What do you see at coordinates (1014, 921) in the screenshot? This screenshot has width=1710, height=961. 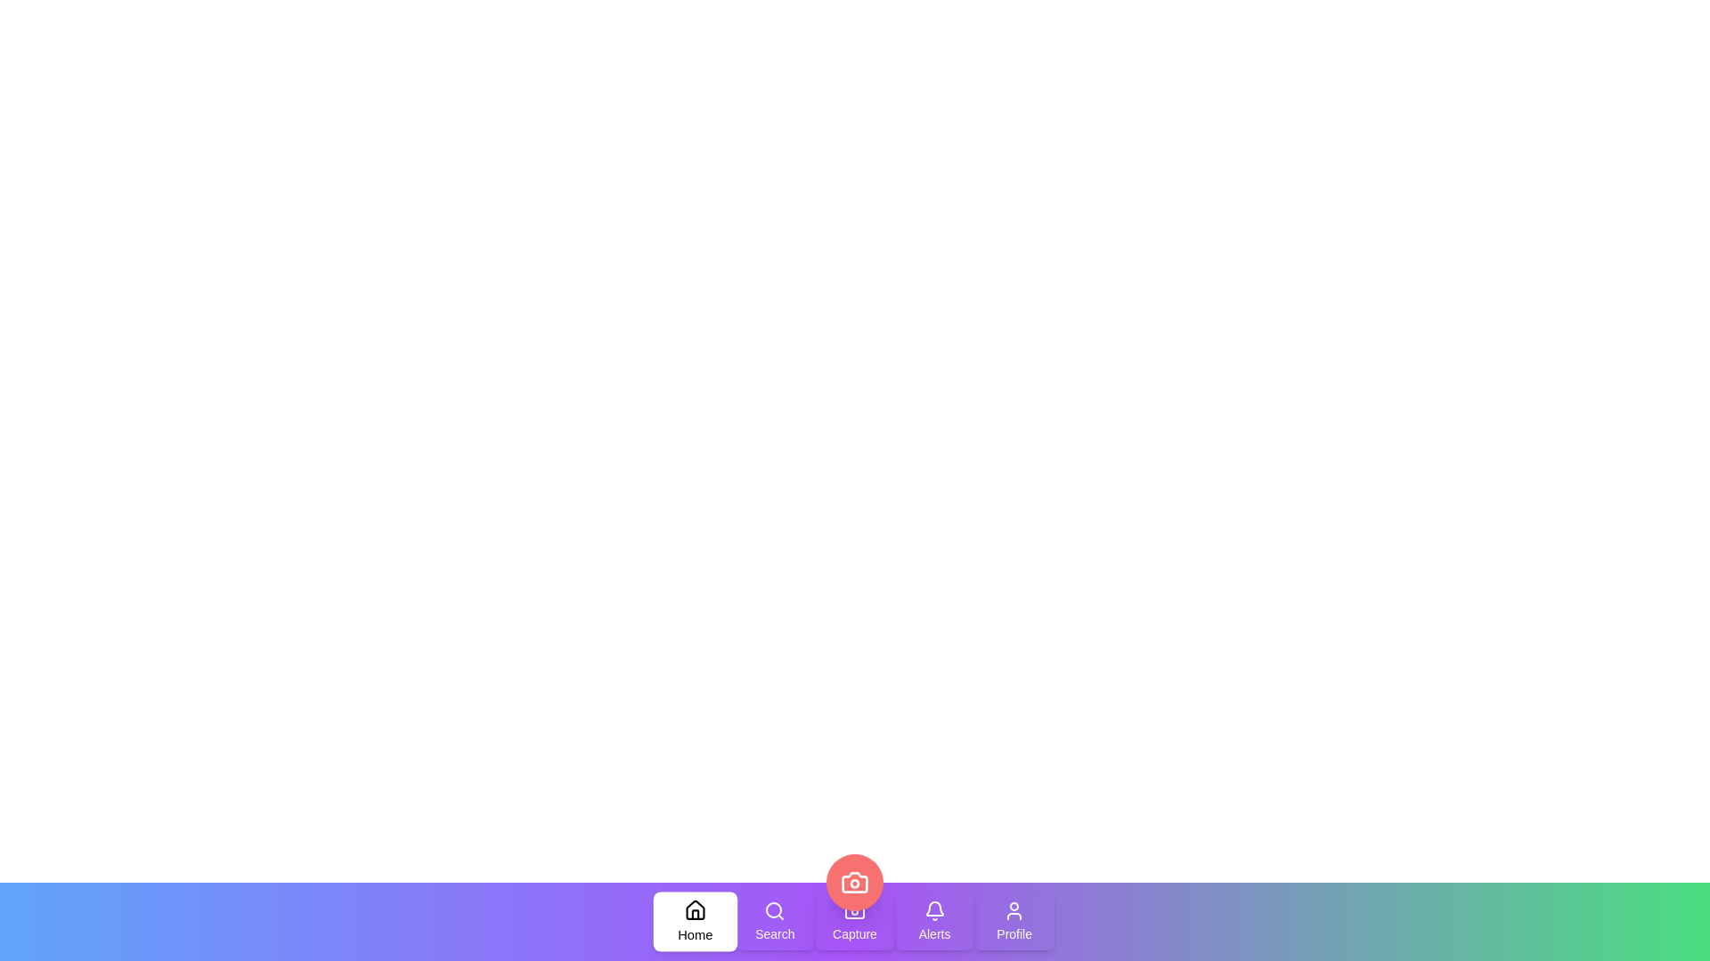 I see `the tab labeled 'Profile' to observe its hover effect` at bounding box center [1014, 921].